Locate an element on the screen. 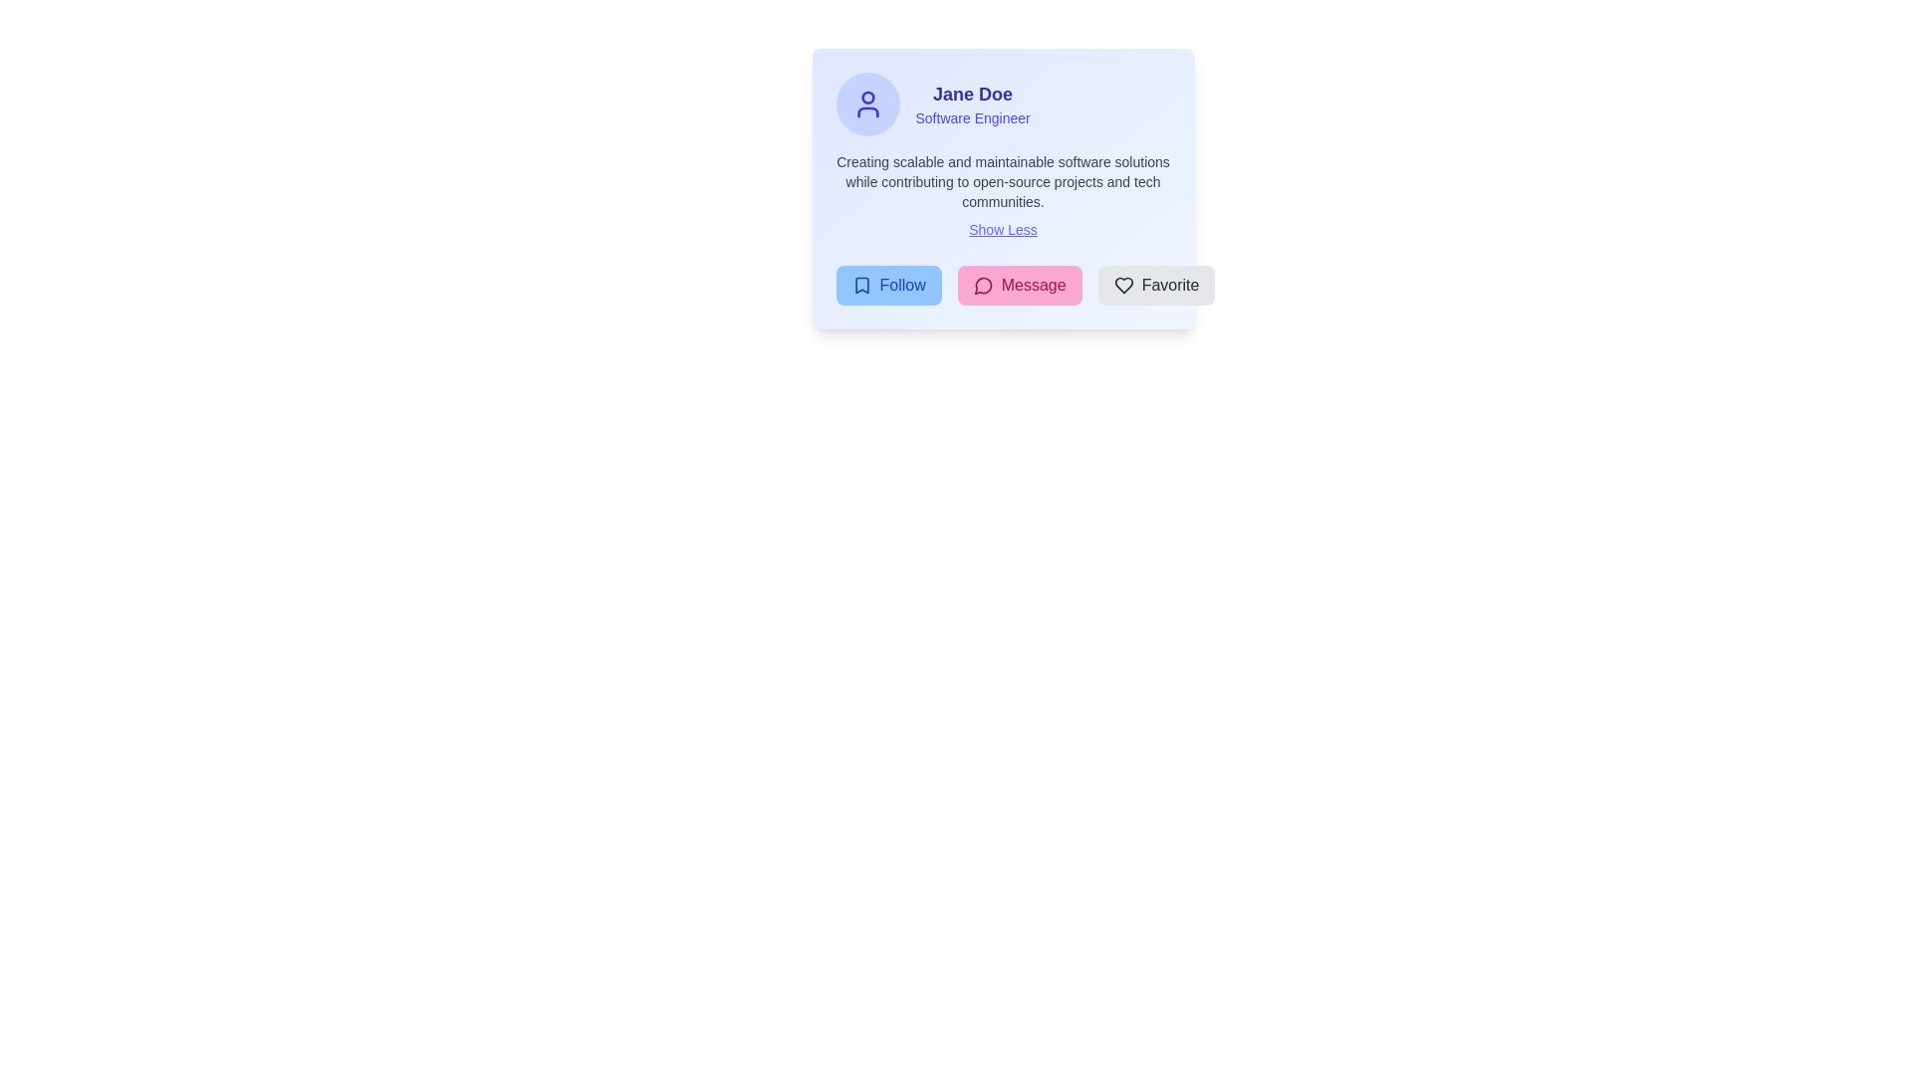 The image size is (1912, 1075). the heart-shaped icon within the 'Favorite' button located in the bottom right corner of the user profile card is located at coordinates (1123, 285).